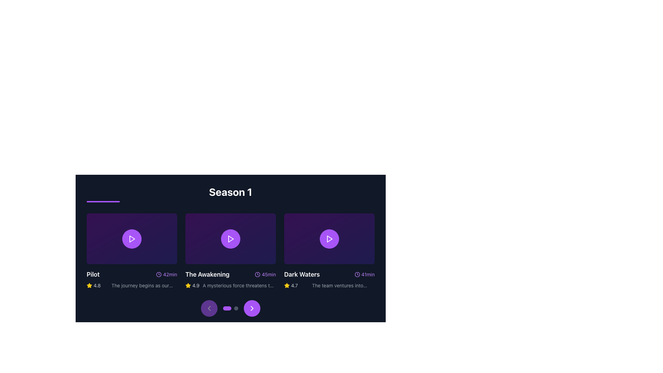 The width and height of the screenshot is (663, 373). What do you see at coordinates (251, 308) in the screenshot?
I see `the Chevron Icon embedded within the Circular Navigation Button located at the lower-right corner of the navigation control section` at bounding box center [251, 308].